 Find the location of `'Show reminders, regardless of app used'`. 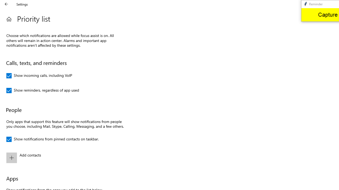

'Show reminders, regardless of app used' is located at coordinates (43, 90).